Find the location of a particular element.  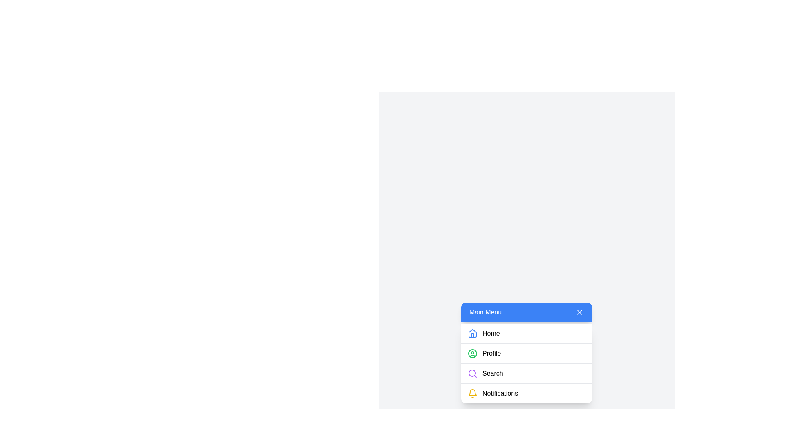

the purple search icon, represented by a magnifying glass graphic, located within the 'Search' menu item is located at coordinates (473, 373).